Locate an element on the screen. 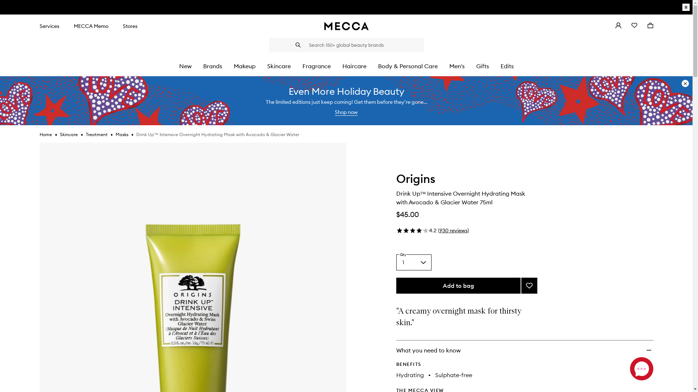  'Fragrance' is located at coordinates (316, 66).